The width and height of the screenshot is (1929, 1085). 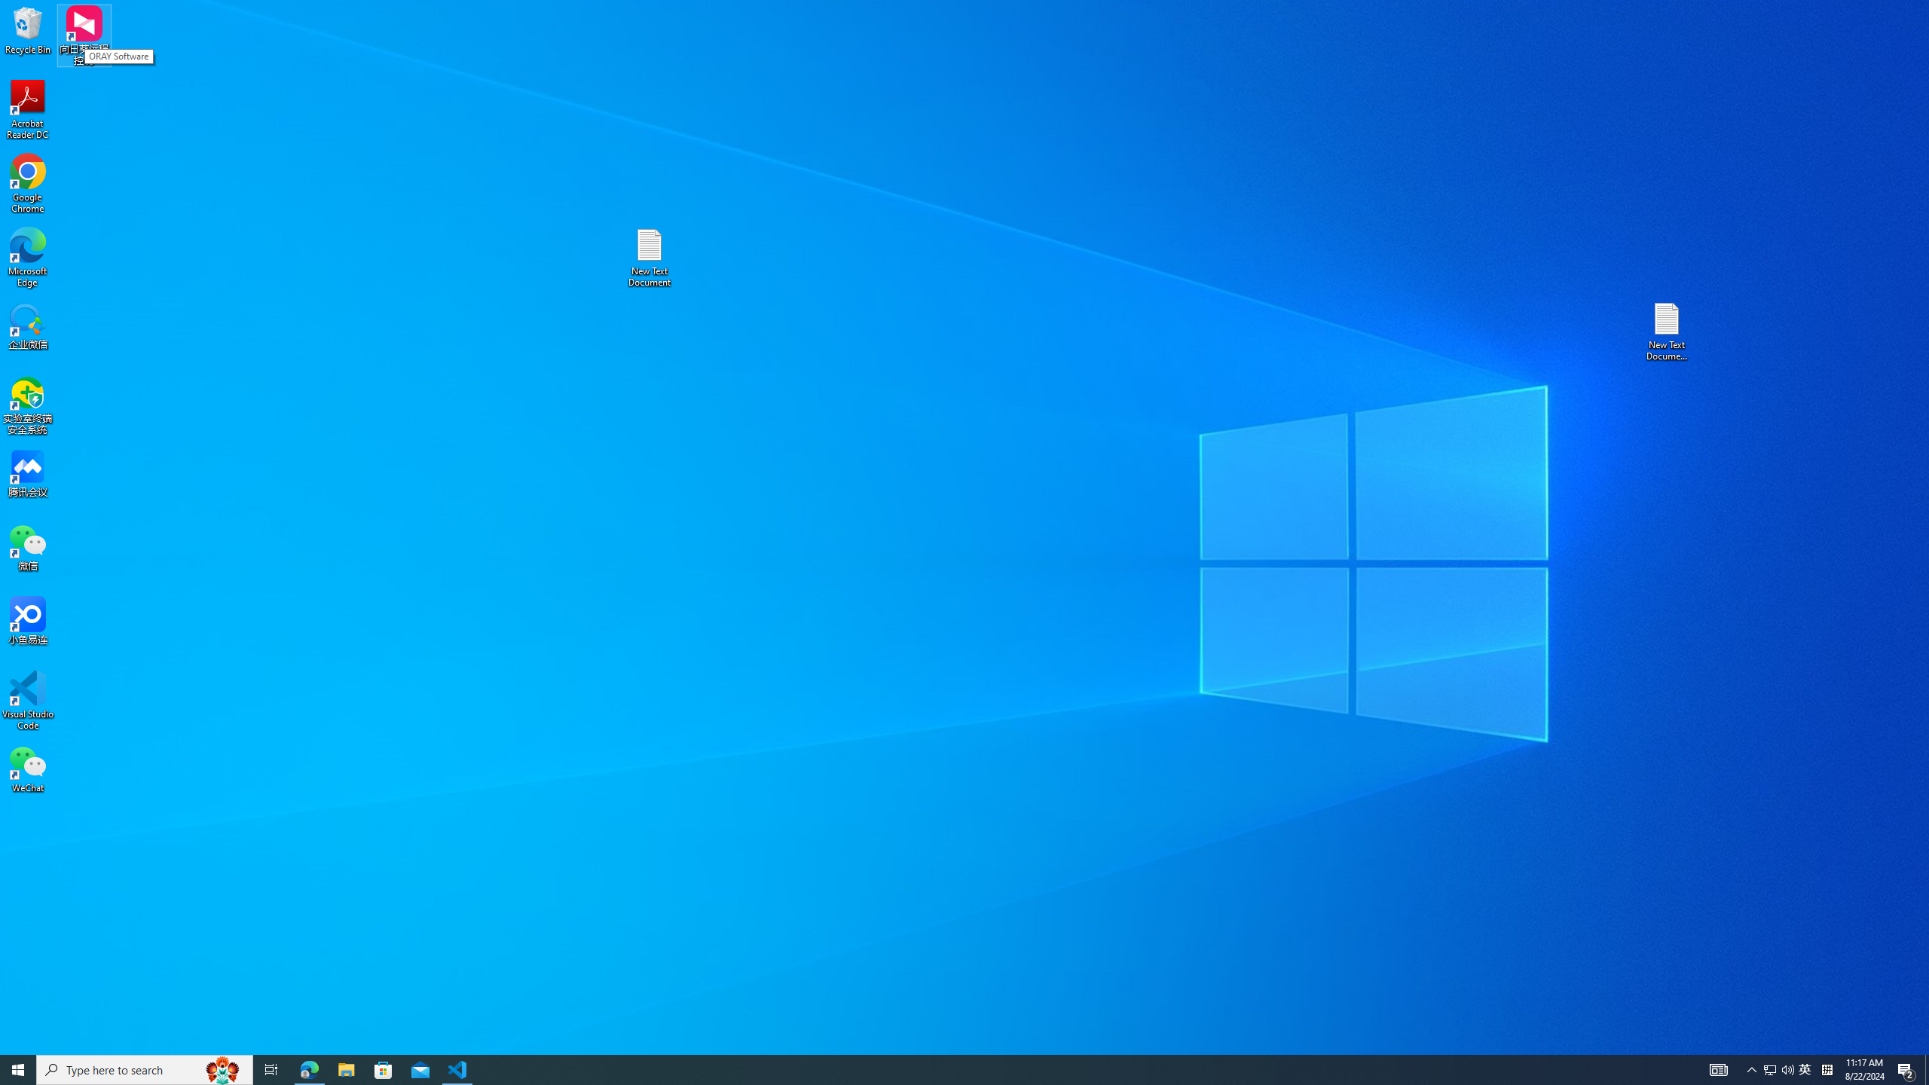 What do you see at coordinates (27, 109) in the screenshot?
I see `'Acrobat Reader DC'` at bounding box center [27, 109].